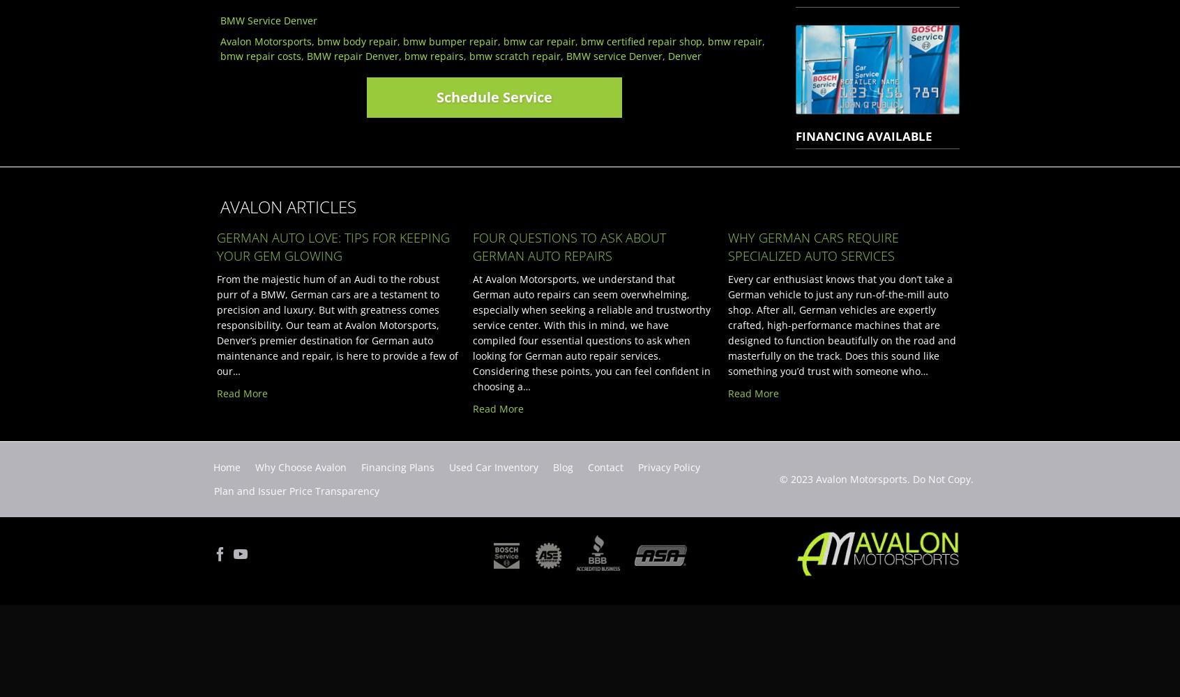 The height and width of the screenshot is (697, 1180). I want to click on 'Denver', so click(668, 54).